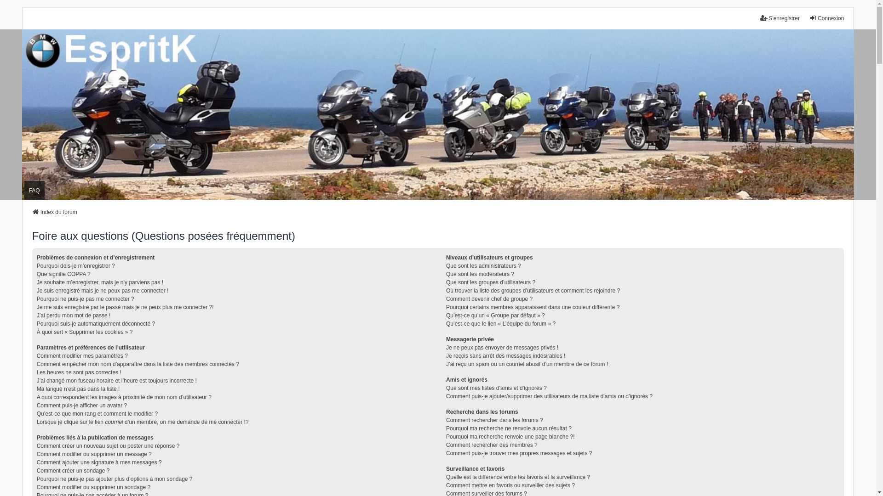  Describe the element at coordinates (519, 453) in the screenshot. I see `'Comment puis-je trouver mes propres messages et sujets ?'` at that location.